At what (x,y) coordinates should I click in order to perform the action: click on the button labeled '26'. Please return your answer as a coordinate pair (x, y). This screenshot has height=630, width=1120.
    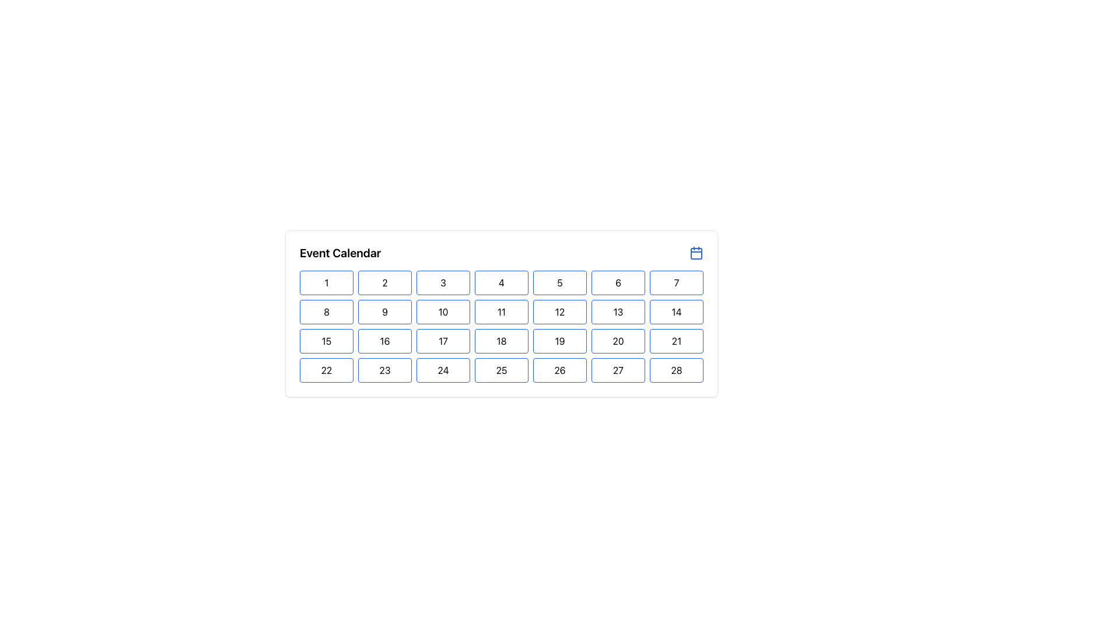
    Looking at the image, I should click on (560, 370).